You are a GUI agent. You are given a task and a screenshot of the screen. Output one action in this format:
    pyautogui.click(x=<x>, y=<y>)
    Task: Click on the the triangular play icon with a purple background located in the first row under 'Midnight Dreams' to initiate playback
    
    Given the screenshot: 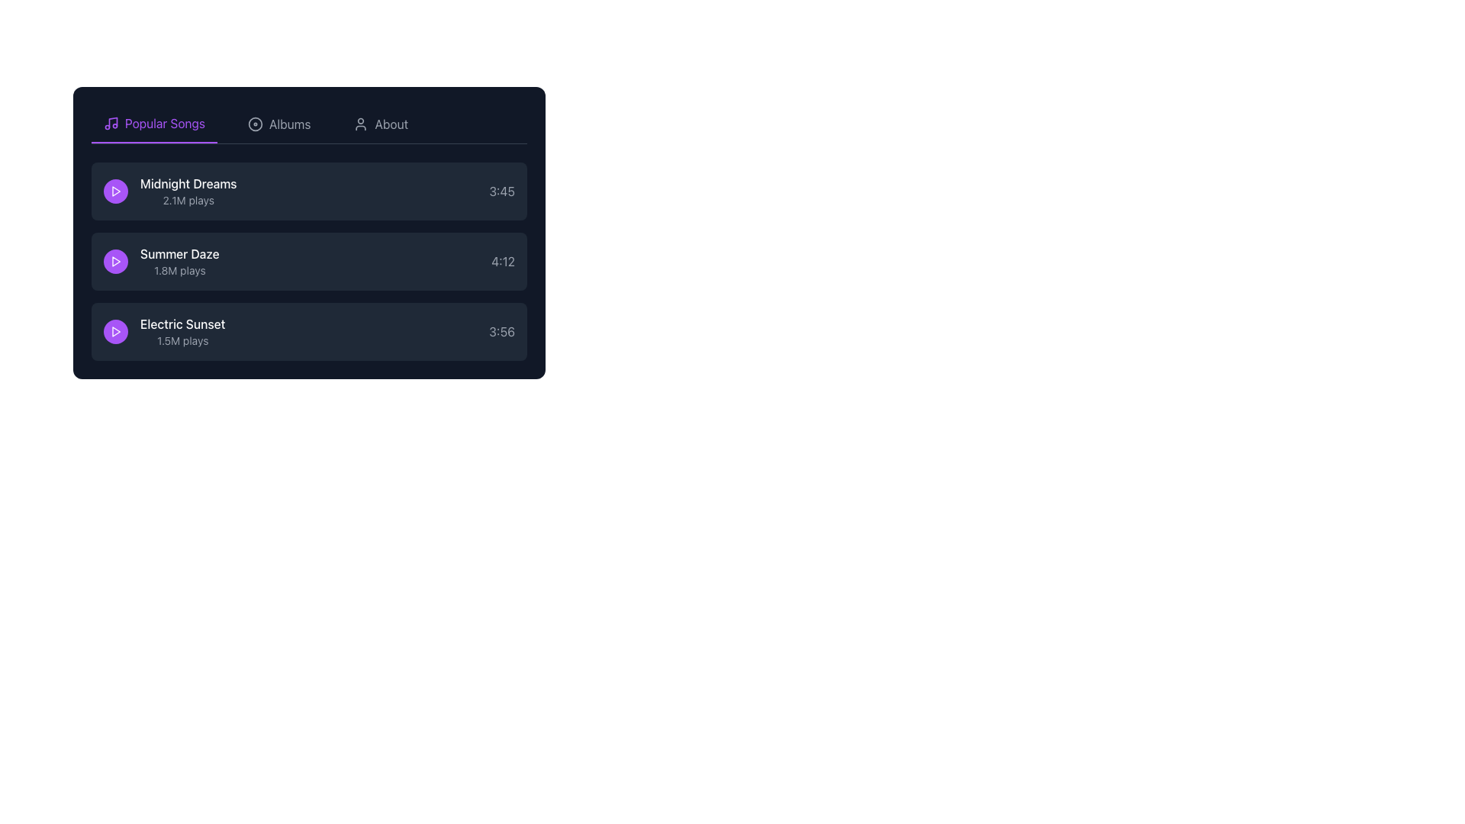 What is the action you would take?
    pyautogui.click(x=115, y=190)
    